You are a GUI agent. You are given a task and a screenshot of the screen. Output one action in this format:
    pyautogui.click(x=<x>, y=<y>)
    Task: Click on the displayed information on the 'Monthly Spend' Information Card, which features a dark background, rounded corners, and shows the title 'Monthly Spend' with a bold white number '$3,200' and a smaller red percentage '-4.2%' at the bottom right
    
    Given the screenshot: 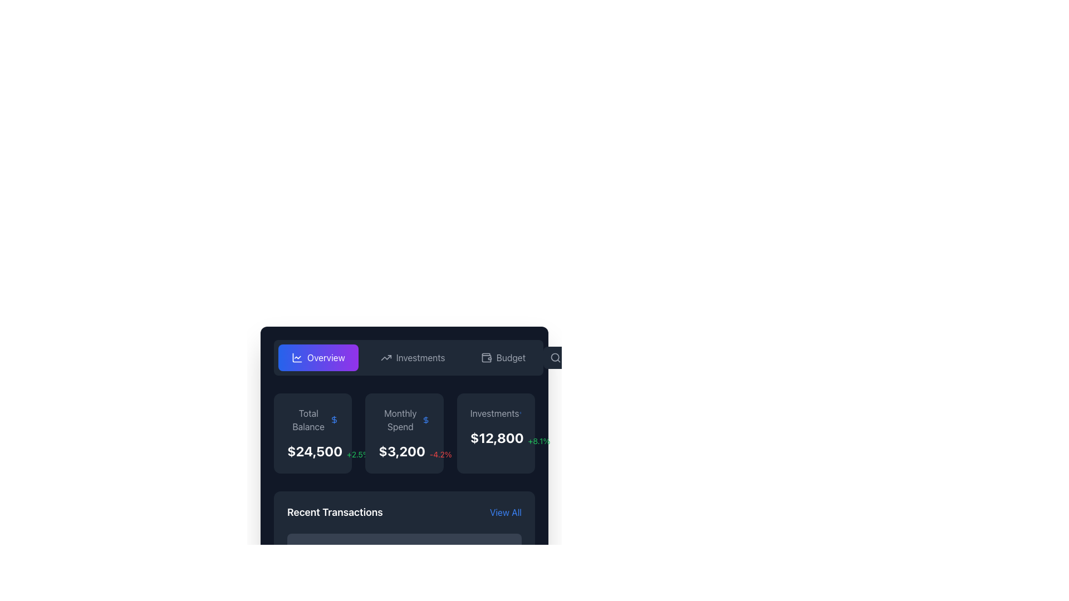 What is the action you would take?
    pyautogui.click(x=404, y=433)
    